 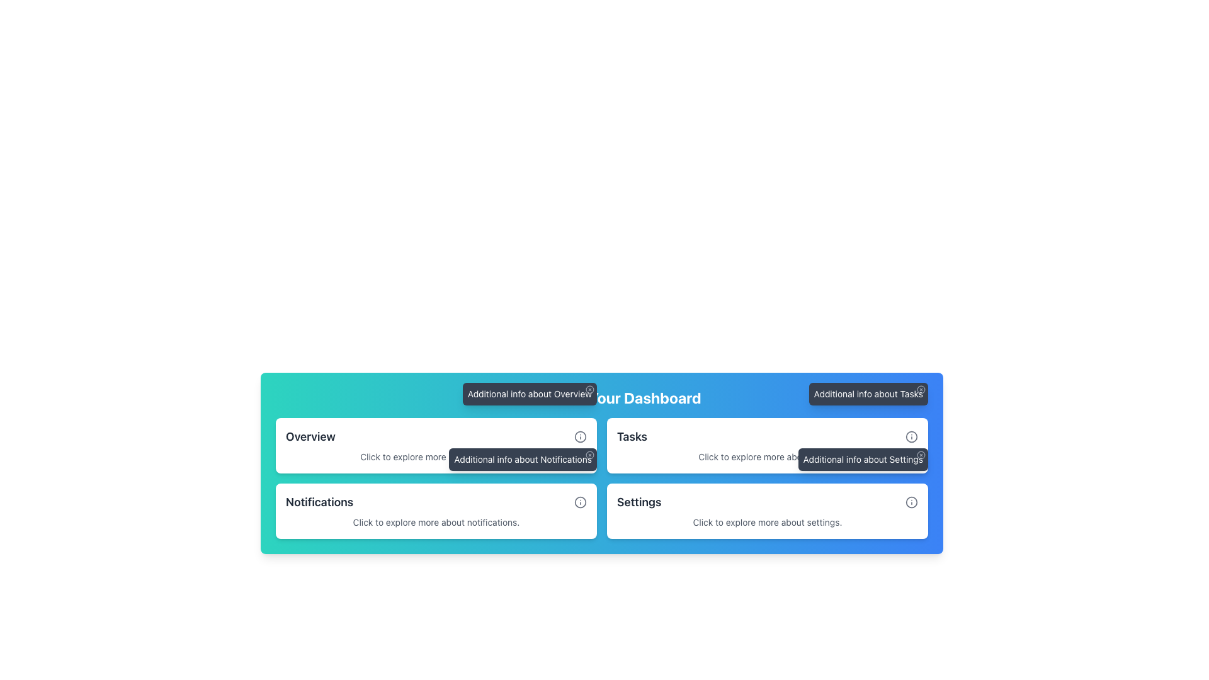 What do you see at coordinates (921, 388) in the screenshot?
I see `the SVG circle component located at the top-right corner of the tooltip box labeled 'Additional info about Tasks.'` at bounding box center [921, 388].